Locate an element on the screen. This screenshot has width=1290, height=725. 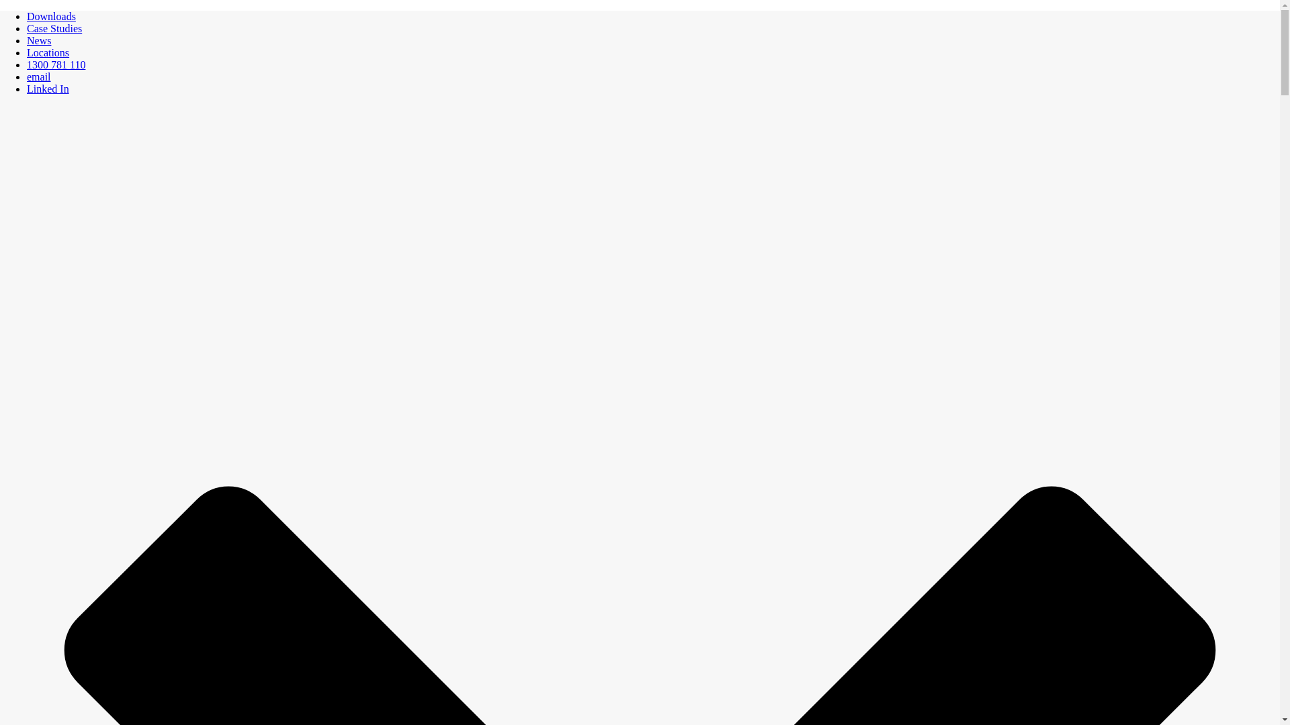
'Case Studies' is located at coordinates (26, 28).